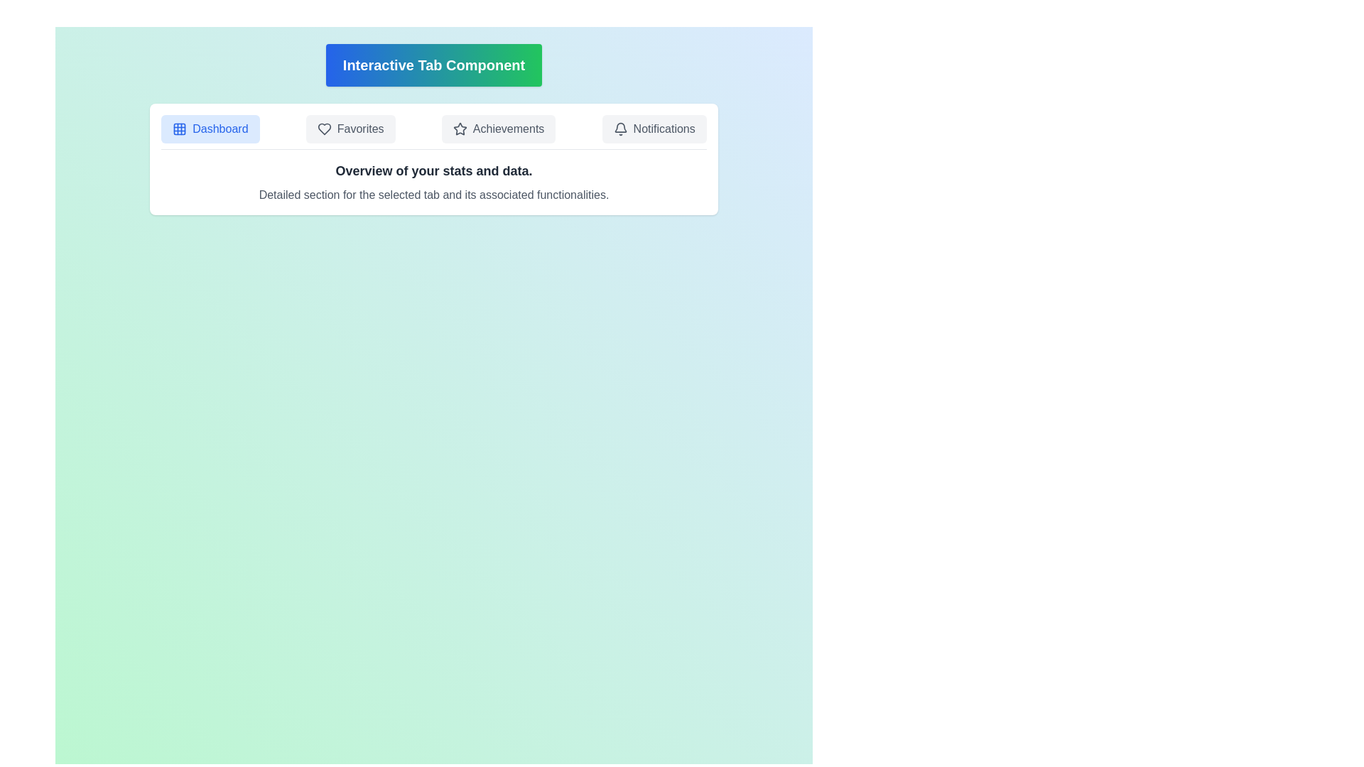  Describe the element at coordinates (498, 129) in the screenshot. I see `the tab labeled Achievements to view its associated content` at that location.